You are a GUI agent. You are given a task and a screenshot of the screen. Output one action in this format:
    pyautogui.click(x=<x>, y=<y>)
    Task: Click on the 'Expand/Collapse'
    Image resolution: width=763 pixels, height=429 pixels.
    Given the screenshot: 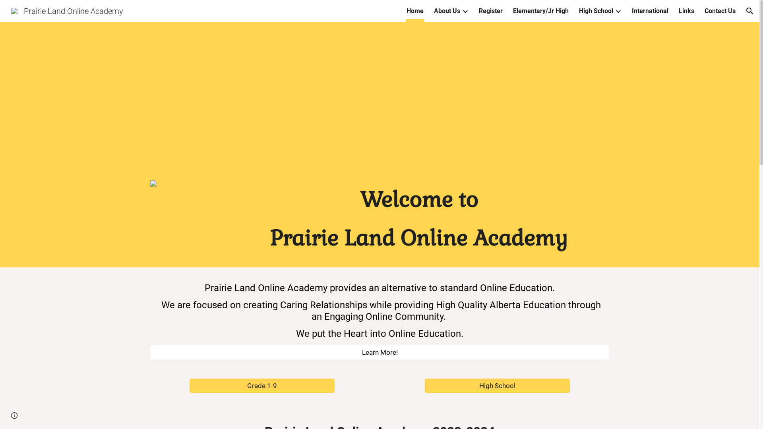 What is the action you would take?
    pyautogui.click(x=614, y=11)
    